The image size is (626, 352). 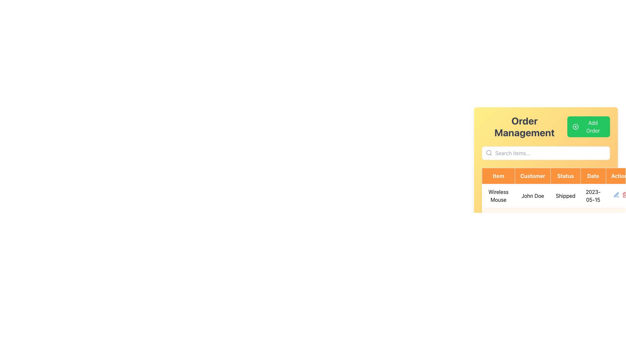 I want to click on the Table Header Cell labeled 'Status', which is the third cell in the header row of the table, positioned between the 'Customer' and 'Date' cells, so click(x=565, y=176).